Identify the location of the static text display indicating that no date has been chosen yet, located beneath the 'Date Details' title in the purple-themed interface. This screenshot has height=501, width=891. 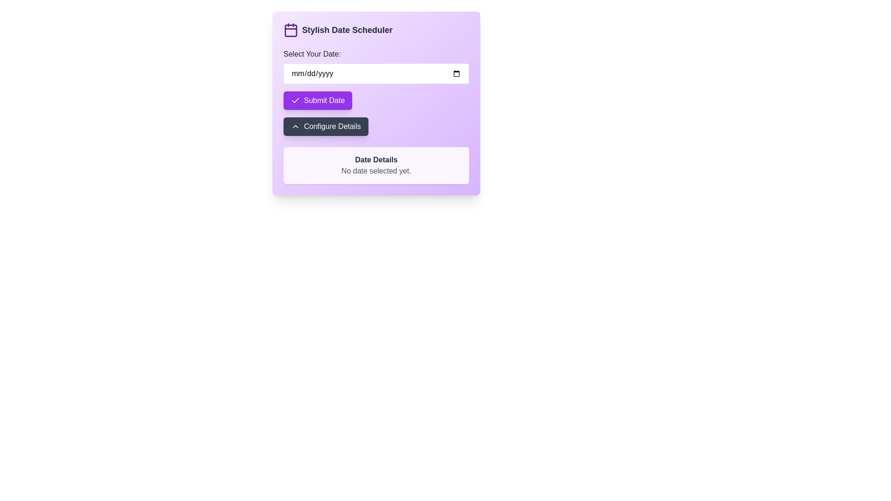
(376, 171).